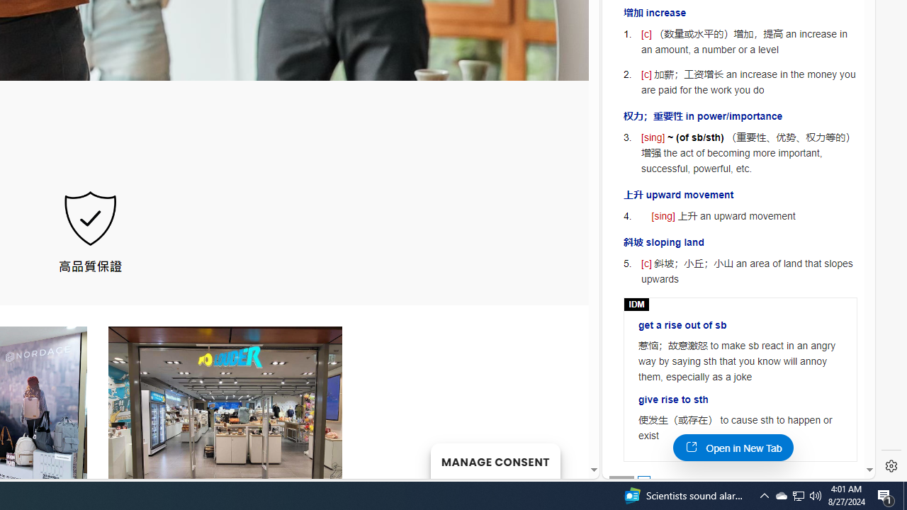 This screenshot has width=907, height=510. I want to click on 'MANAGE CONSENT', so click(495, 460).